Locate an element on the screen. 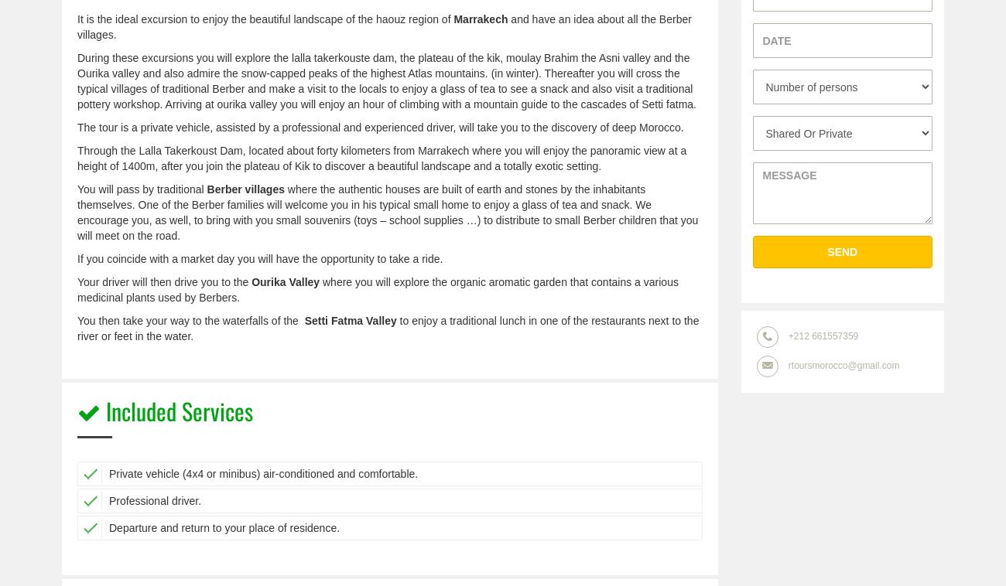 This screenshot has width=1006, height=586. 'rtoursmorocco@gmail.com' is located at coordinates (841, 364).